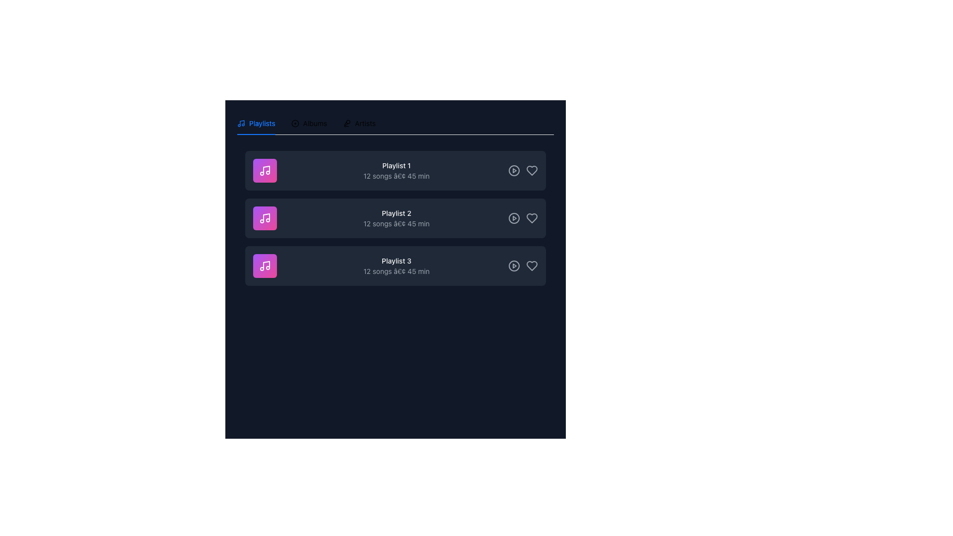 This screenshot has height=536, width=953. Describe the element at coordinates (396, 165) in the screenshot. I see `the text component displaying the label 'Playlist 1' in a medium-weight white font against a dark background, located in the top section of the scrollable playlist menu` at that location.